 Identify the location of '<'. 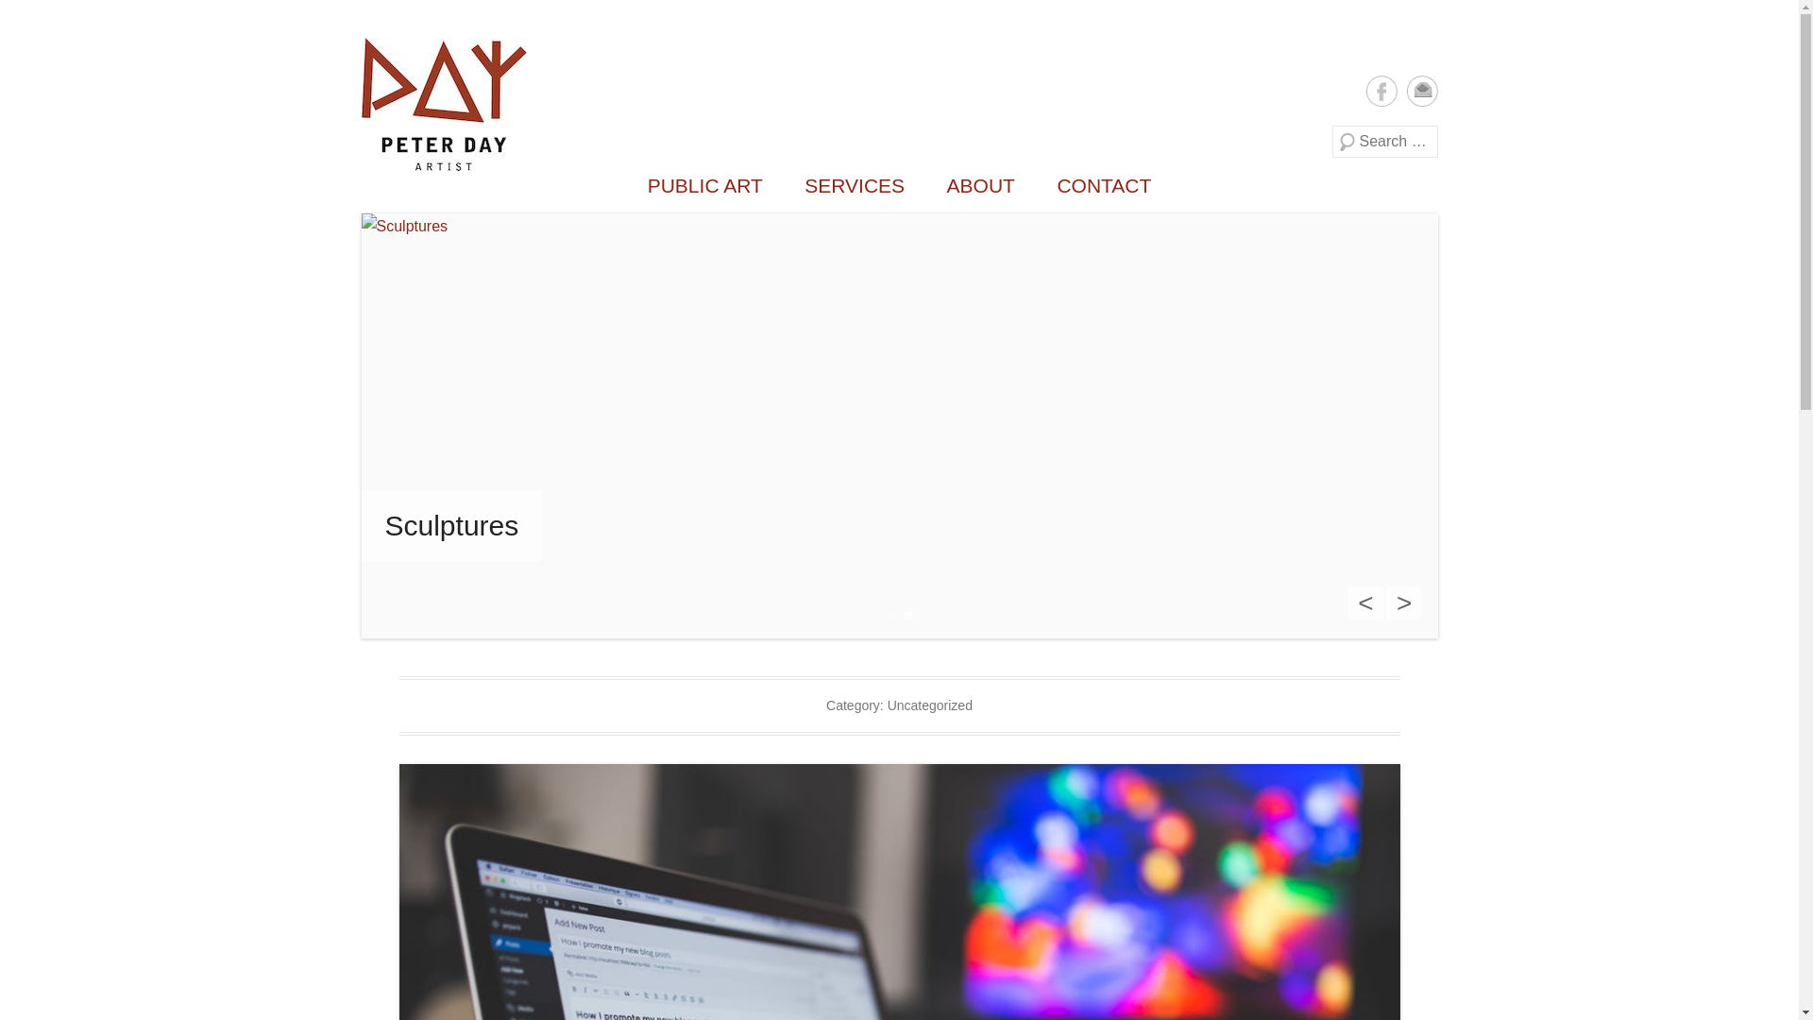
(1364, 603).